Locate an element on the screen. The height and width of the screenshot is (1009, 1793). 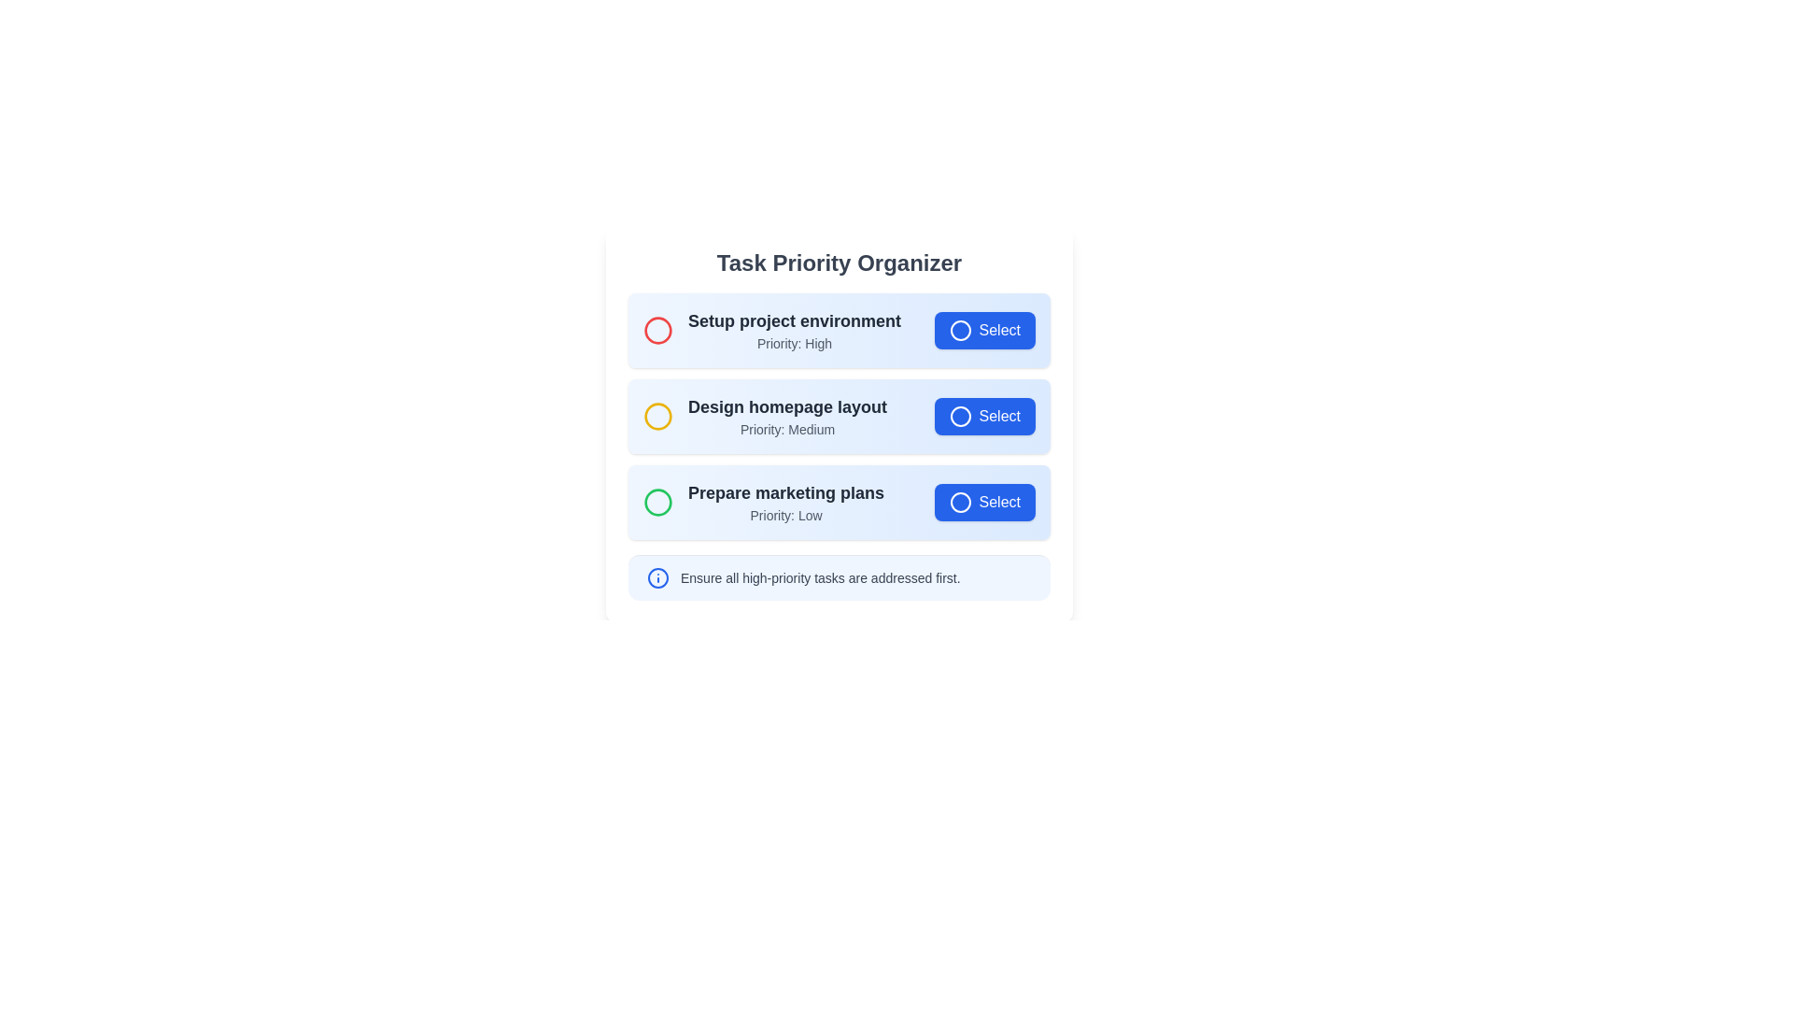
the blue 'Select' button with rounded corners and a circular icon, positioned to the right of 'Setup project environment' and 'Priority: High' is located at coordinates (983, 330).